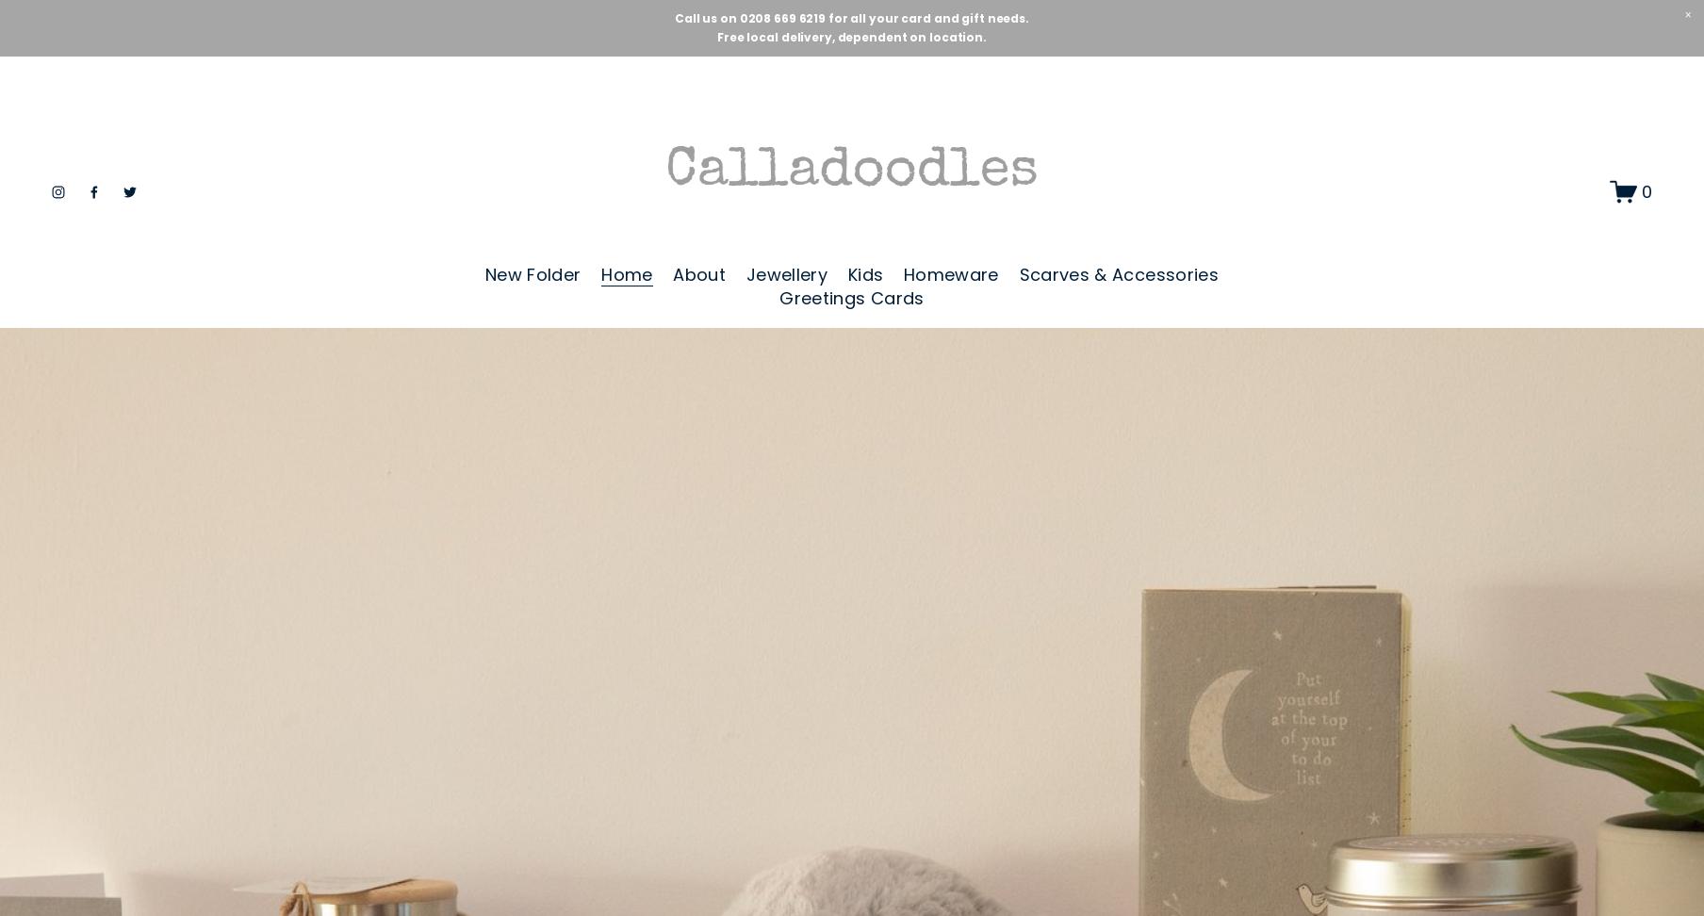 The height and width of the screenshot is (916, 1704). Describe the element at coordinates (949, 274) in the screenshot. I see `'Homeware'` at that location.